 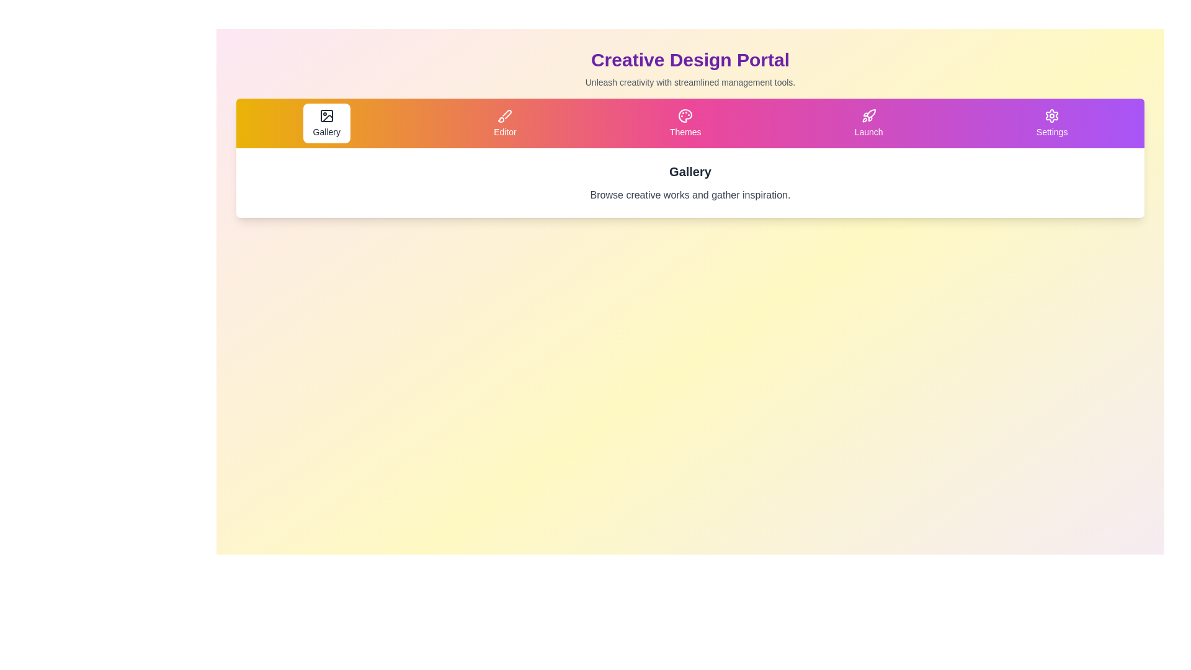 What do you see at coordinates (1051, 115) in the screenshot?
I see `the cogwheel-shaped icon with a purple background and white outline in the top-right section of the navigation bar` at bounding box center [1051, 115].